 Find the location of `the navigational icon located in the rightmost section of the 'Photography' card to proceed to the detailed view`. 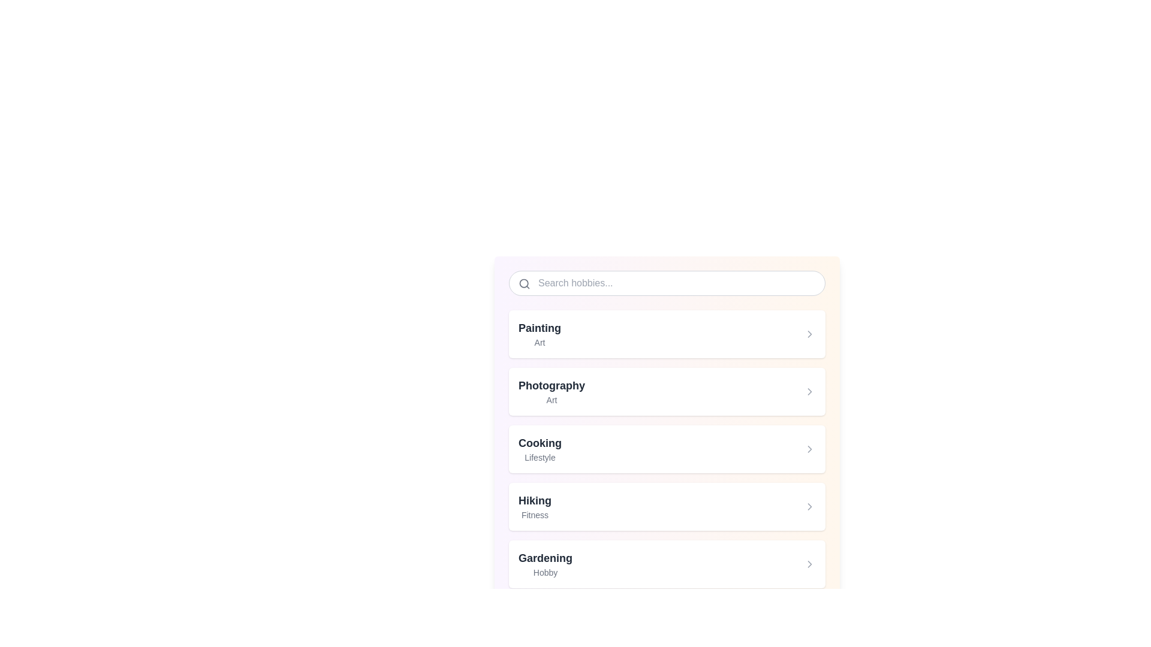

the navigational icon located in the rightmost section of the 'Photography' card to proceed to the detailed view is located at coordinates (809, 392).